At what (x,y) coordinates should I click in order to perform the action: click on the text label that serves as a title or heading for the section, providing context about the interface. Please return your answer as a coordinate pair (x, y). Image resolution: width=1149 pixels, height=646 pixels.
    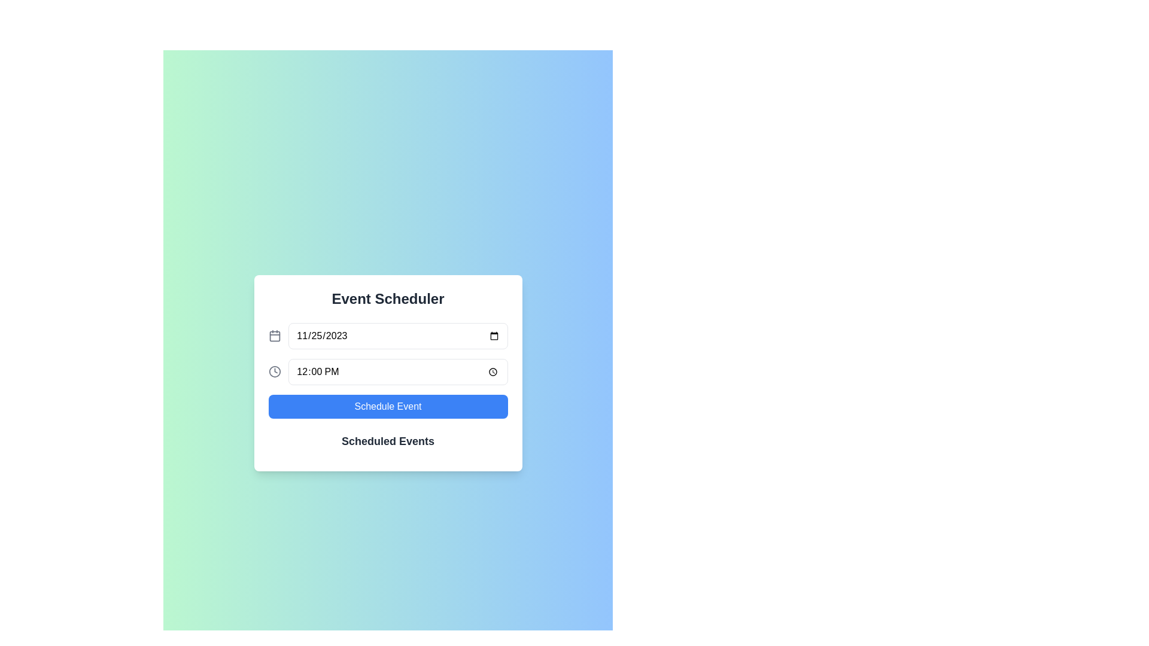
    Looking at the image, I should click on (388, 298).